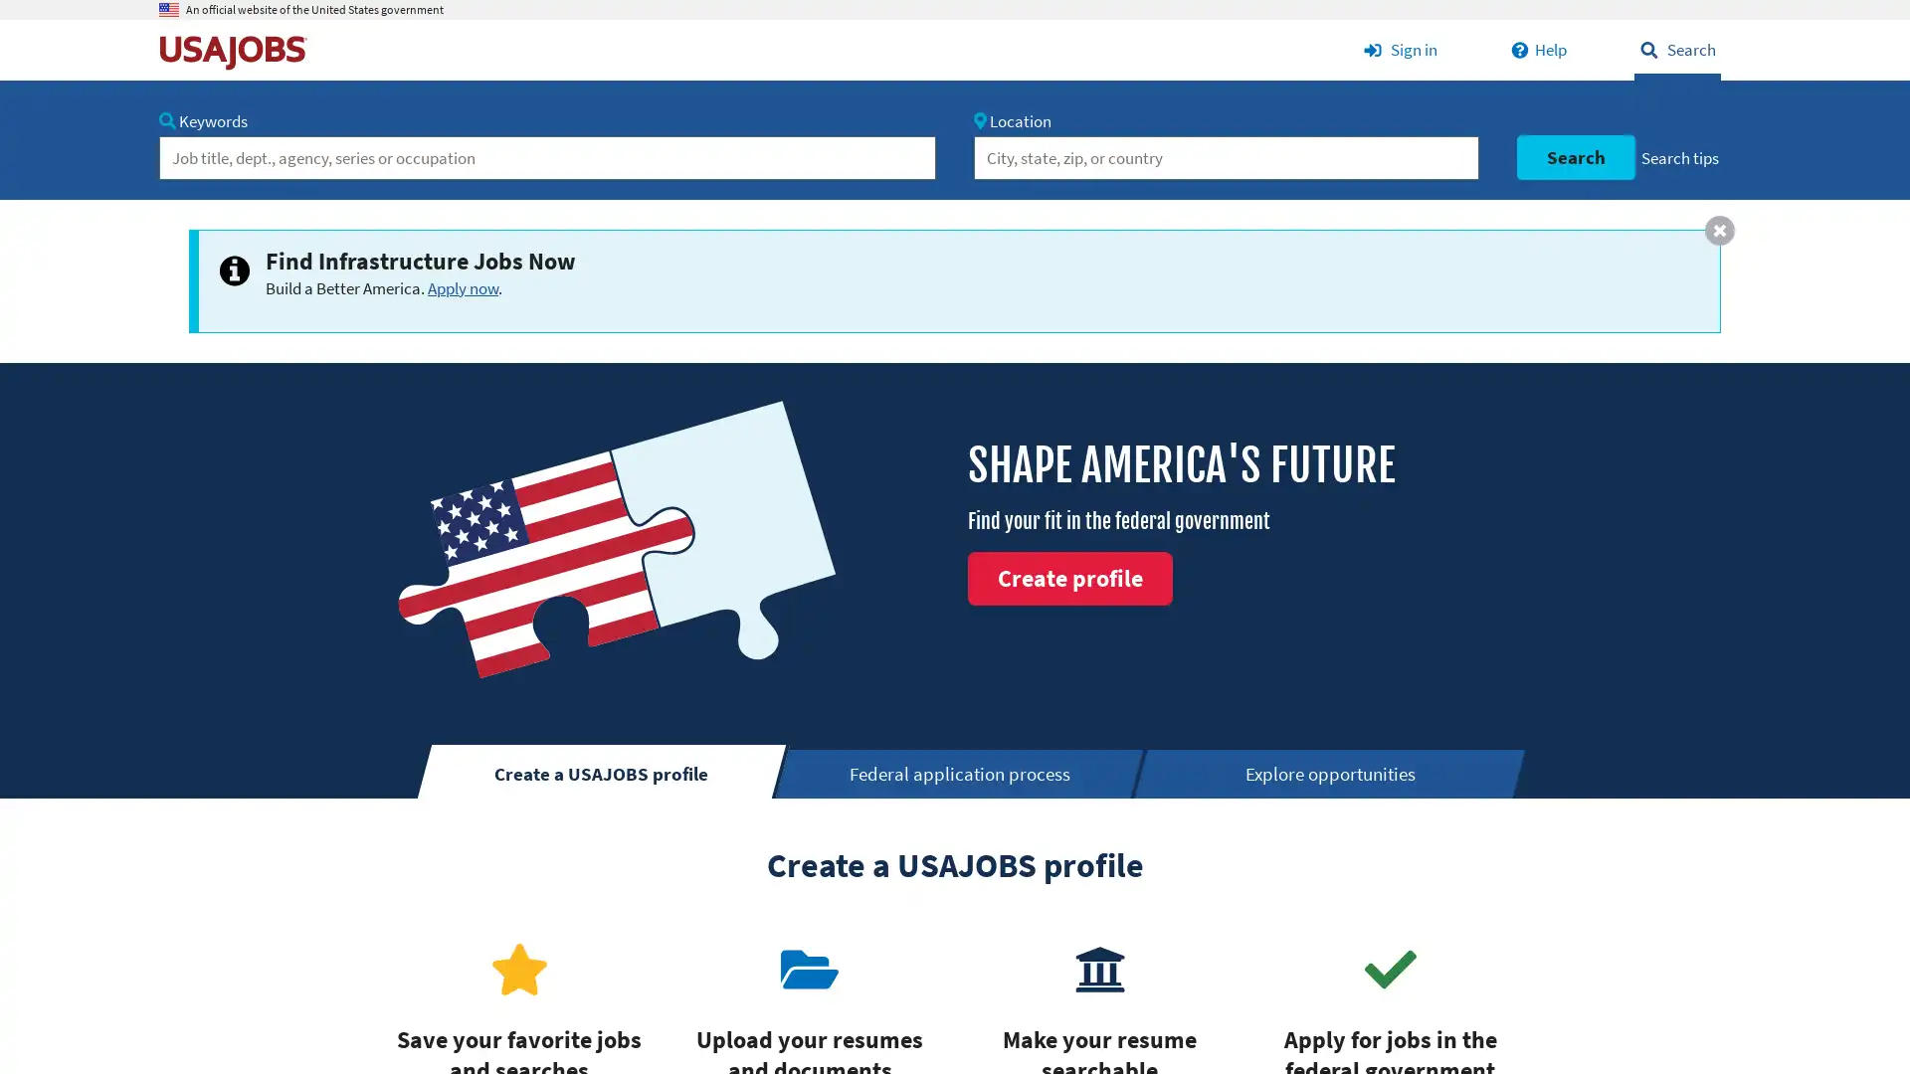 The height and width of the screenshot is (1074, 1910). What do you see at coordinates (961, 773) in the screenshot?
I see `Federal application process` at bounding box center [961, 773].